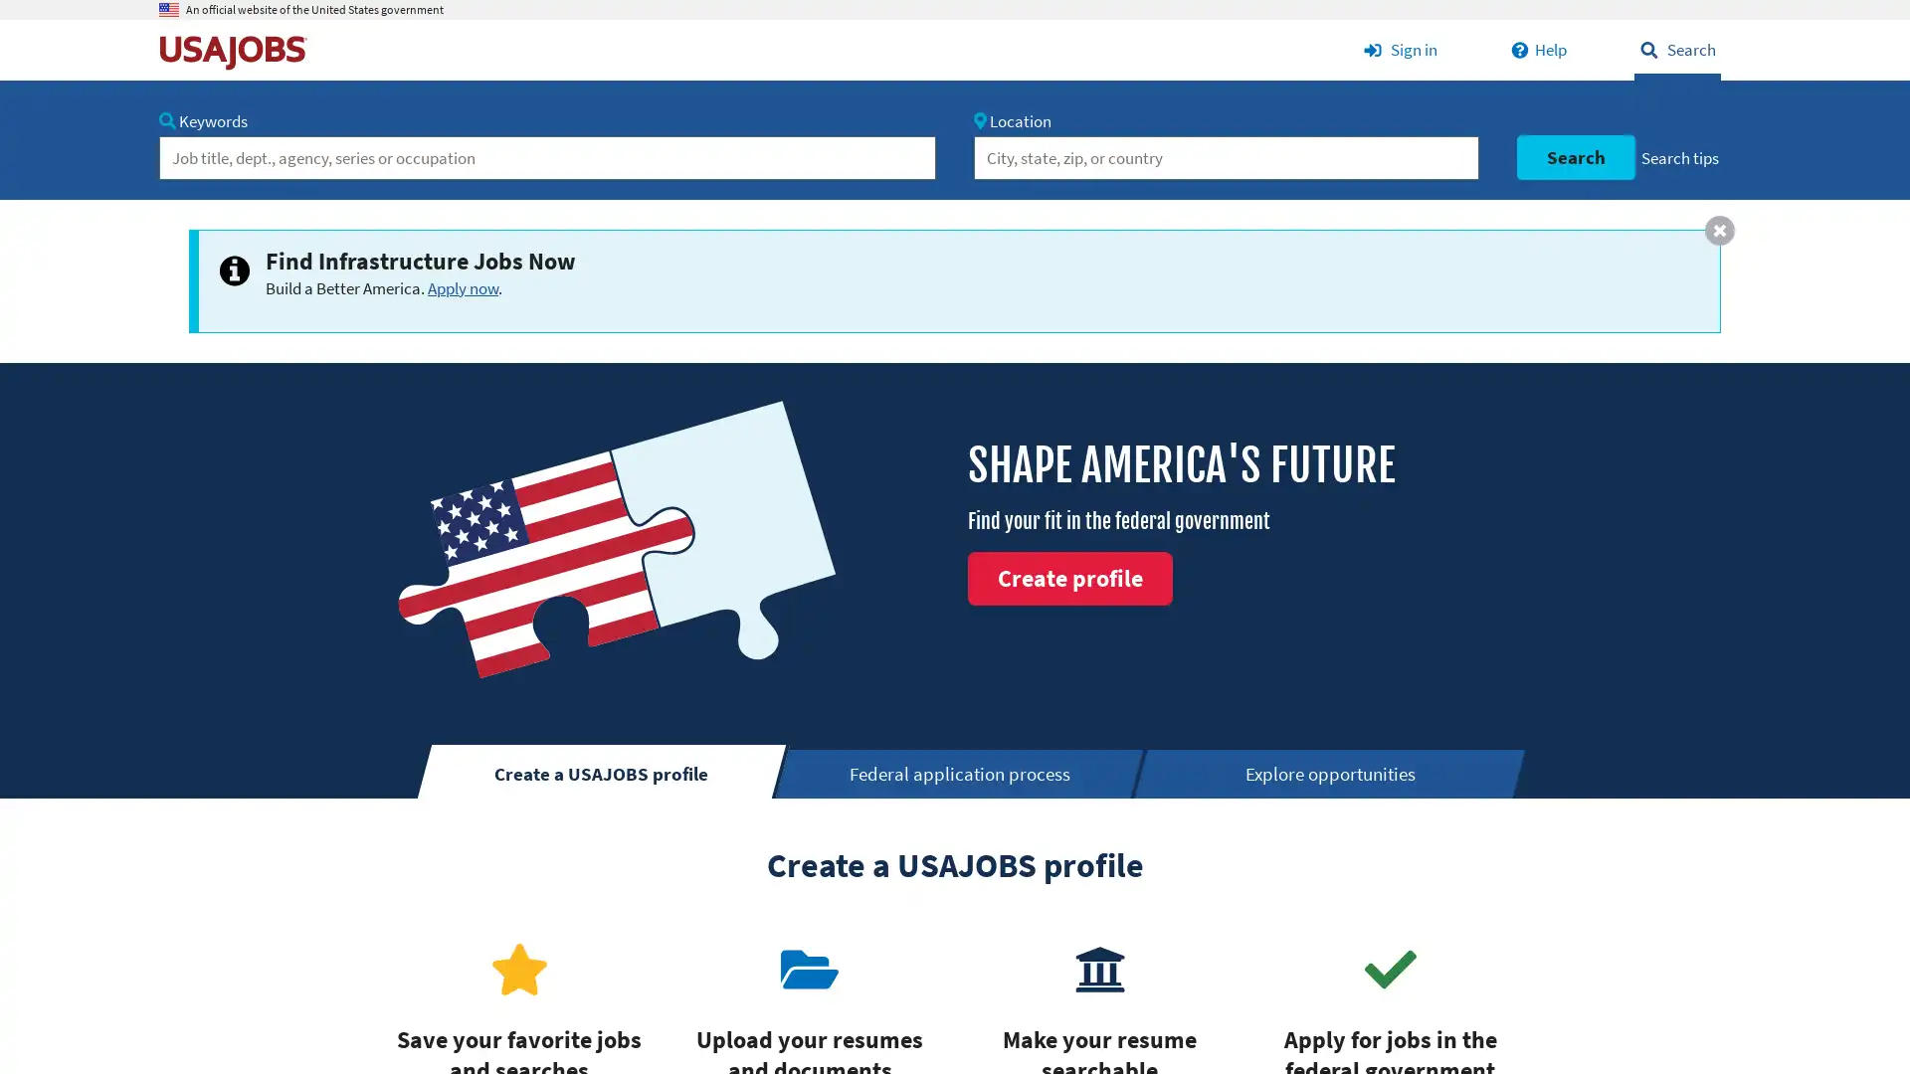 The height and width of the screenshot is (1074, 1910). What do you see at coordinates (961, 773) in the screenshot?
I see `Federal application process` at bounding box center [961, 773].